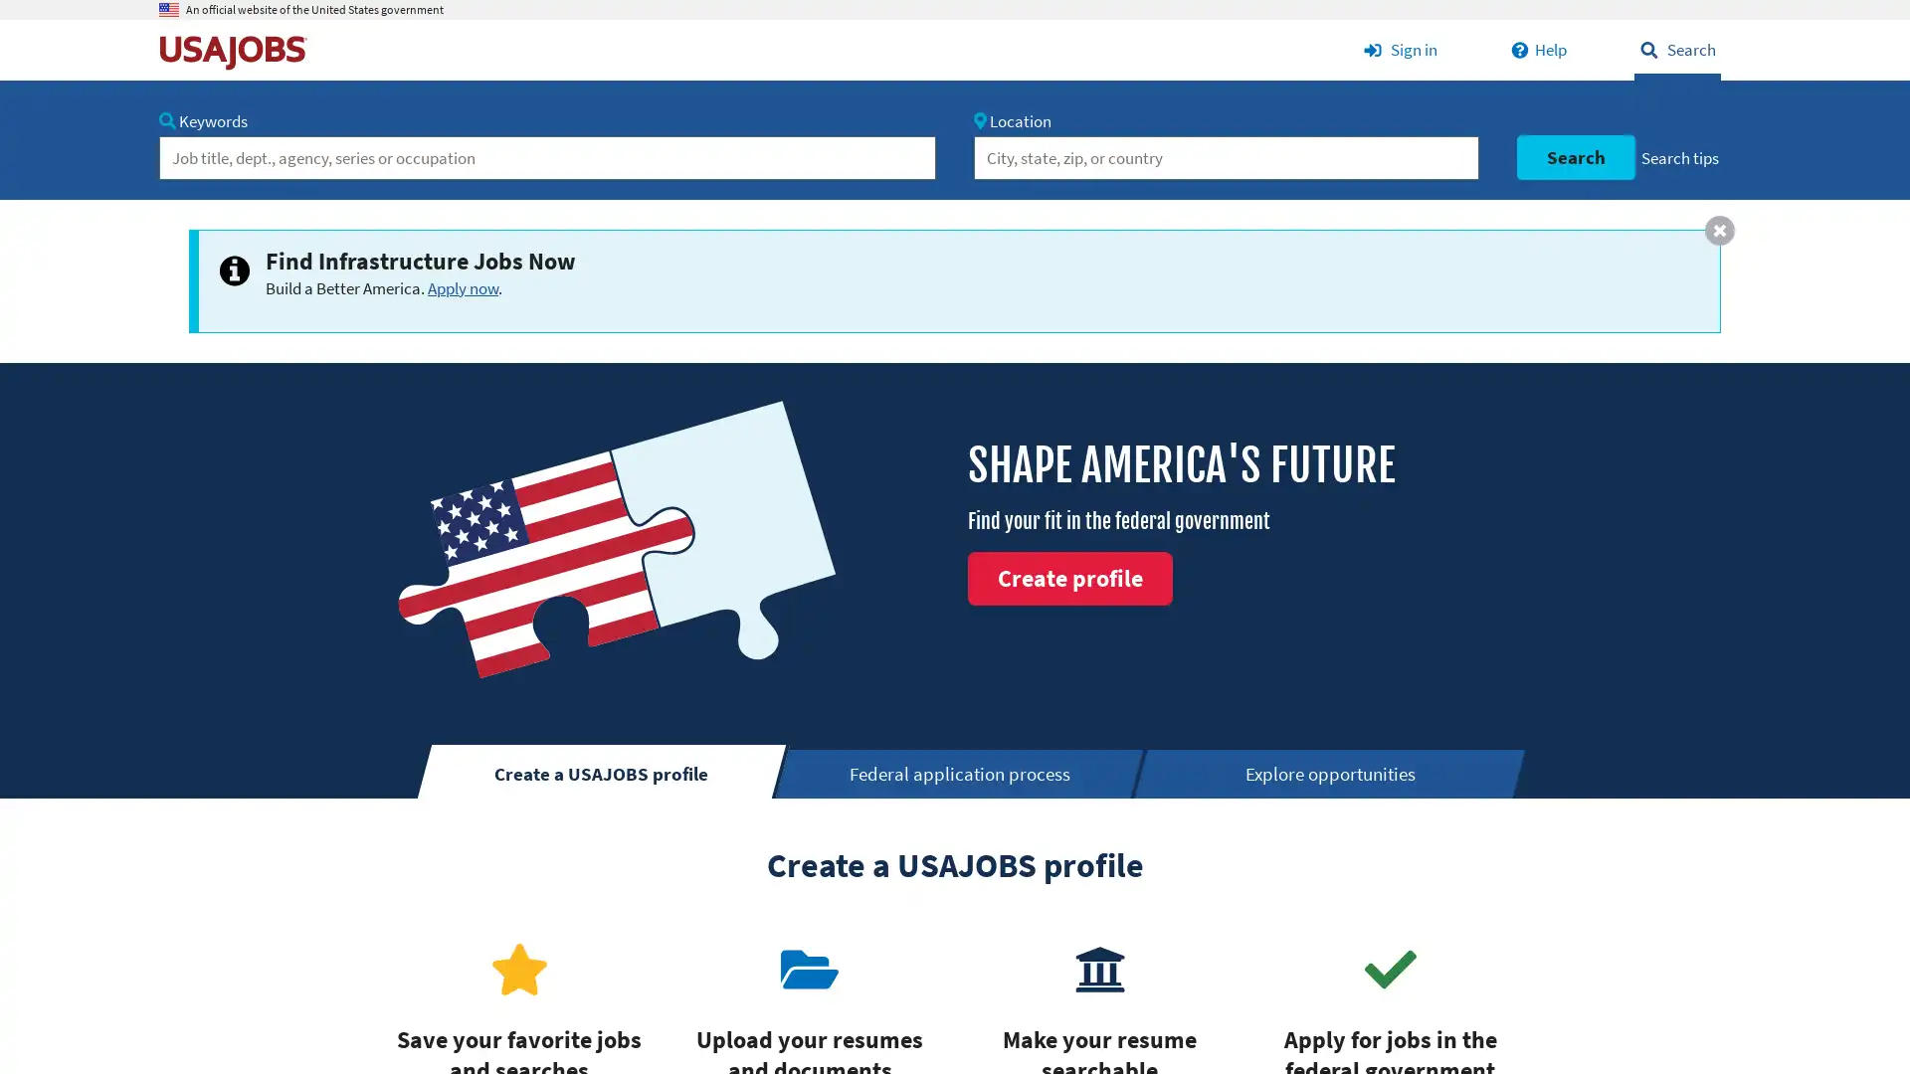 The height and width of the screenshot is (1074, 1910). What do you see at coordinates (961, 773) in the screenshot?
I see `Federal application process` at bounding box center [961, 773].